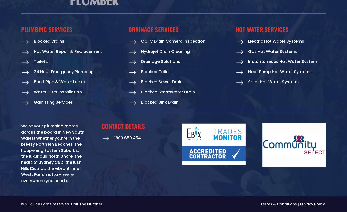  What do you see at coordinates (160, 61) in the screenshot?
I see `'Drainage Solutions'` at bounding box center [160, 61].